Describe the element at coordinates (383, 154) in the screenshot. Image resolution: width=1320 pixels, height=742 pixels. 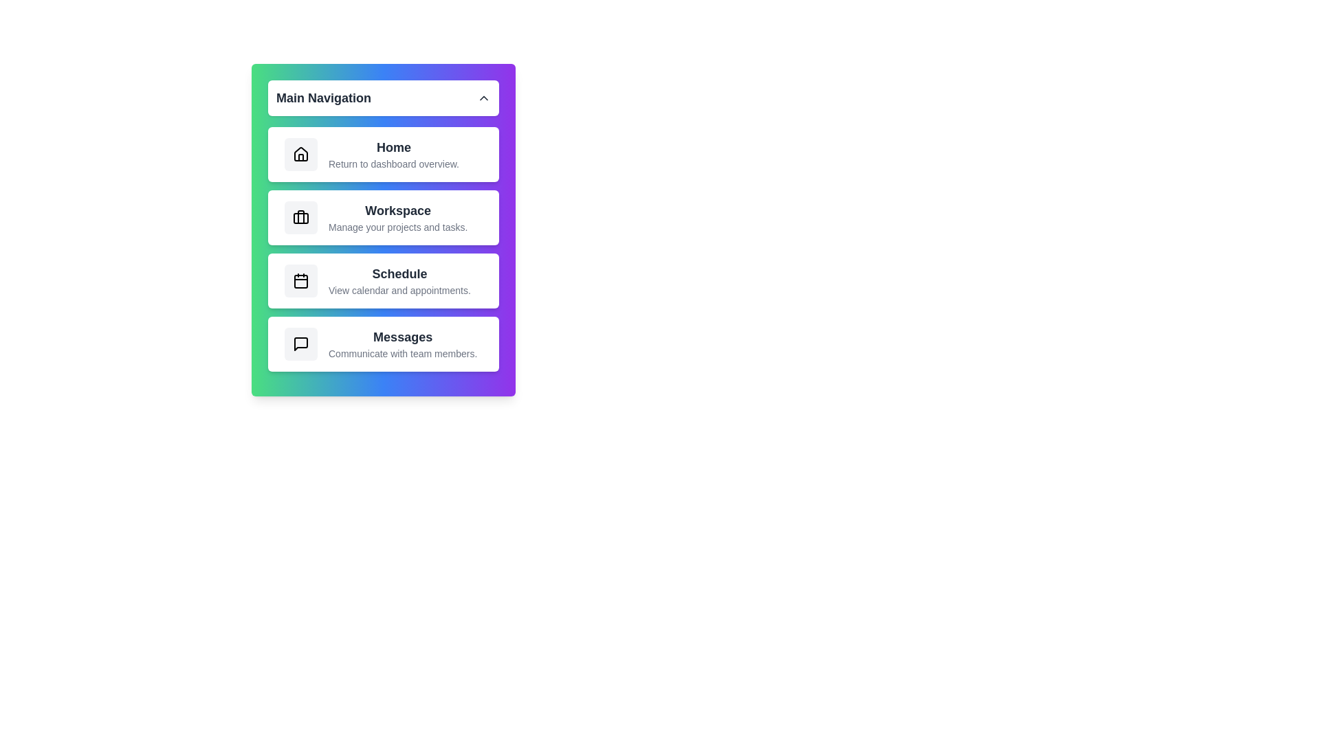
I see `the 'Home' navigation item to select it` at that location.